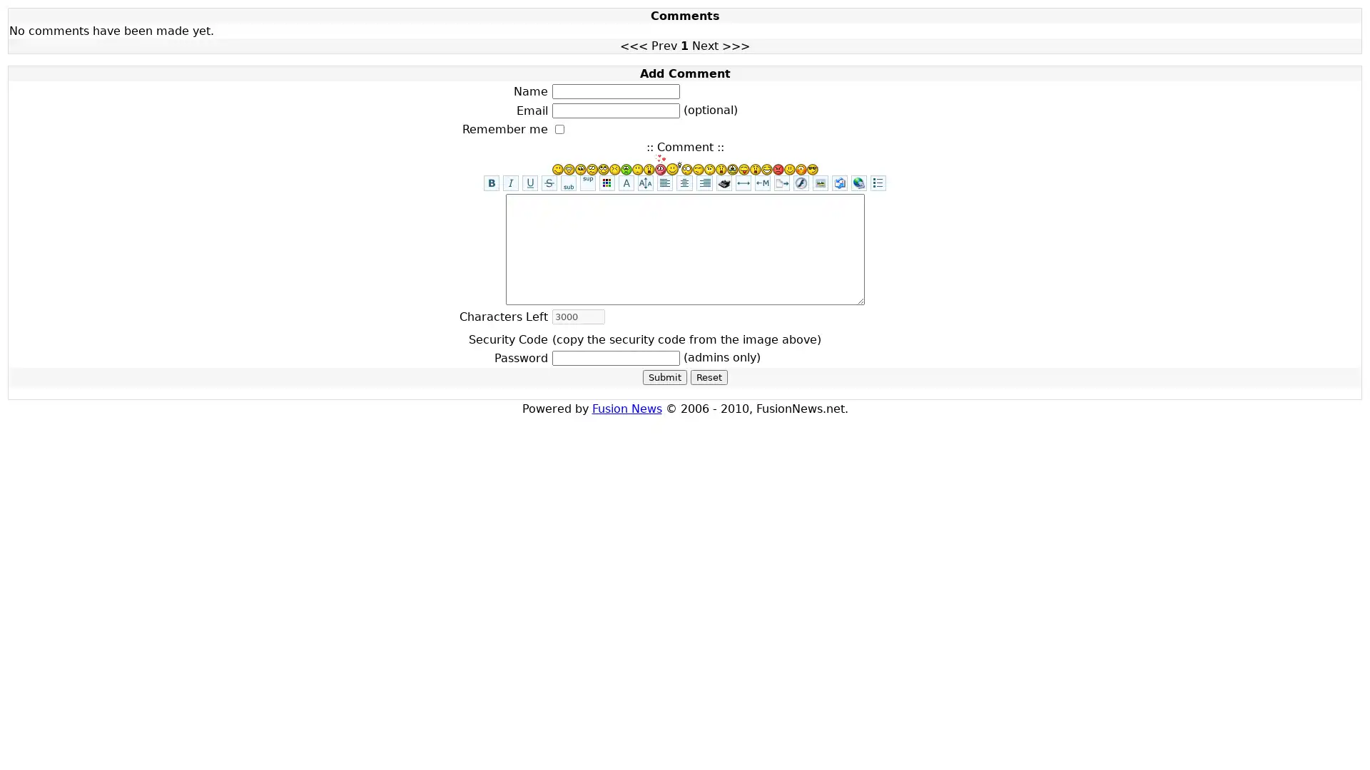 The height and width of the screenshot is (770, 1370). Describe the element at coordinates (664, 376) in the screenshot. I see `Submit` at that location.